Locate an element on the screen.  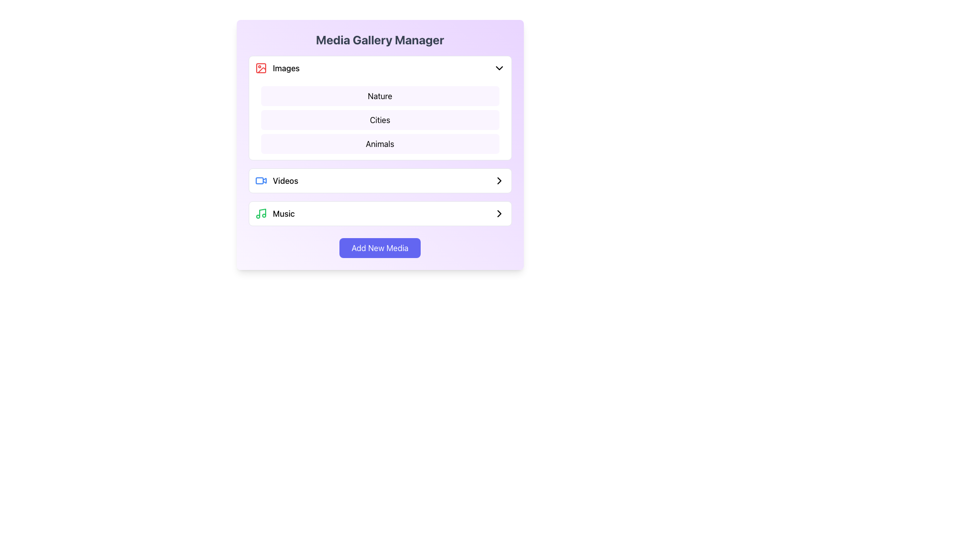
the blue video camera icon located to the left of the 'Videos' text in the Media Gallery Manager interface is located at coordinates (261, 180).